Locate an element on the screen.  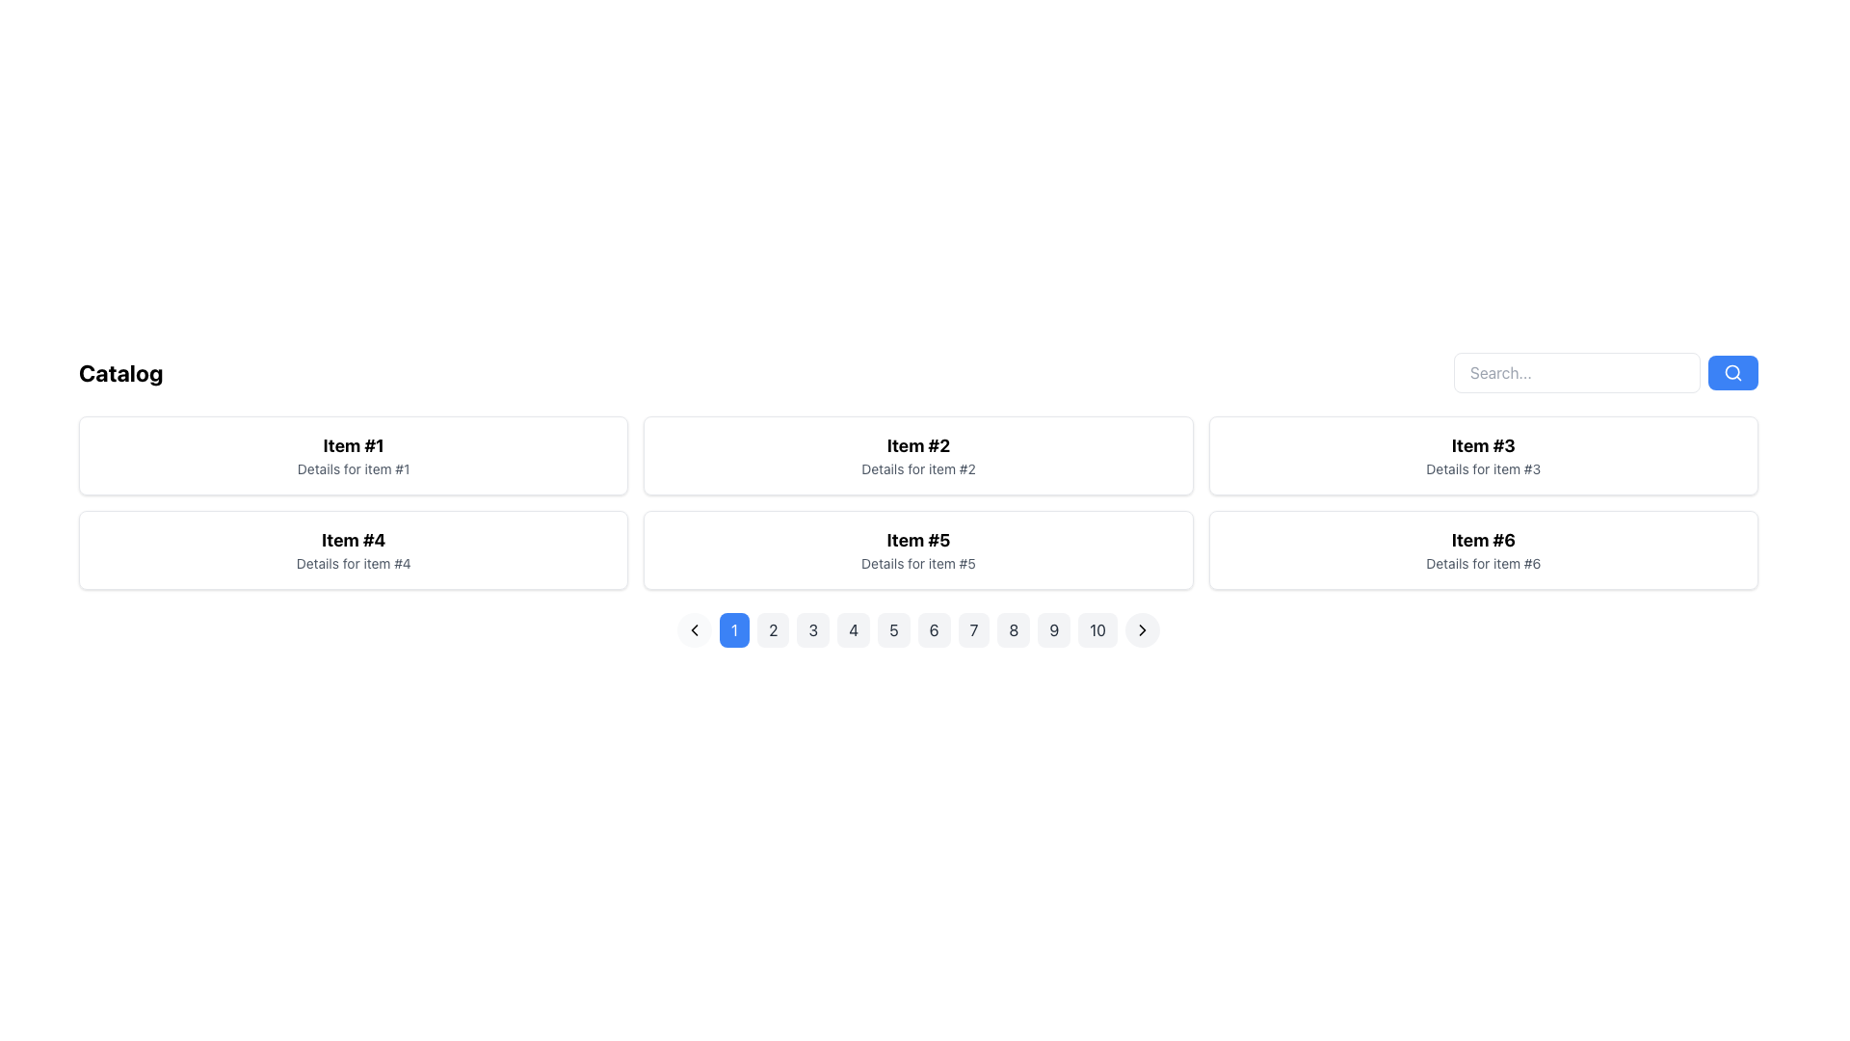
the circular button with a light gray background and a left-pointing chevron icon, which is the first element in the pagination control below the catalog items is located at coordinates (694, 630).